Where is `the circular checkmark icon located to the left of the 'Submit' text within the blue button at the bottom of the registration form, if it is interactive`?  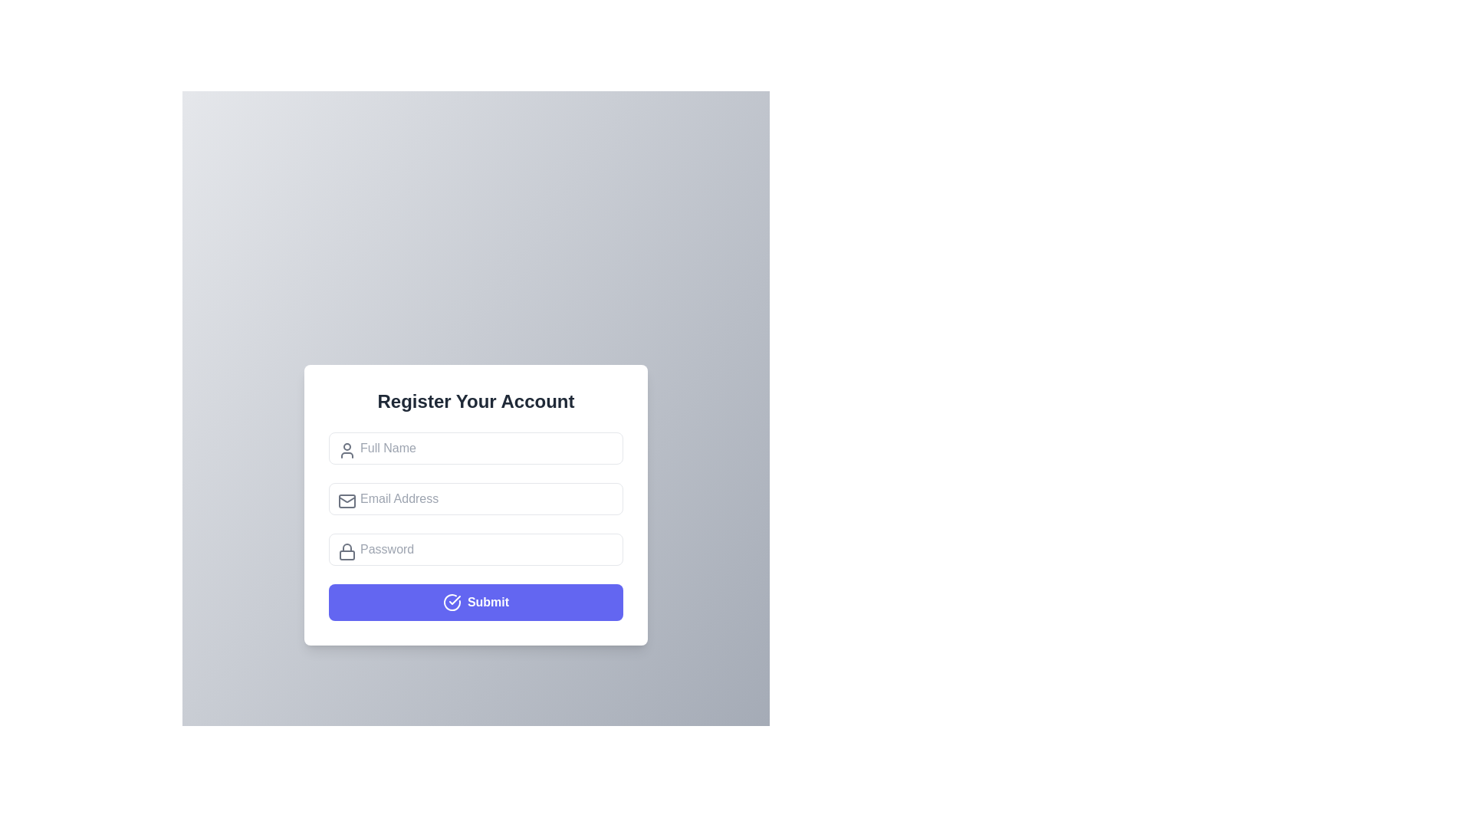
the circular checkmark icon located to the left of the 'Submit' text within the blue button at the bottom of the registration form, if it is interactive is located at coordinates (451, 602).